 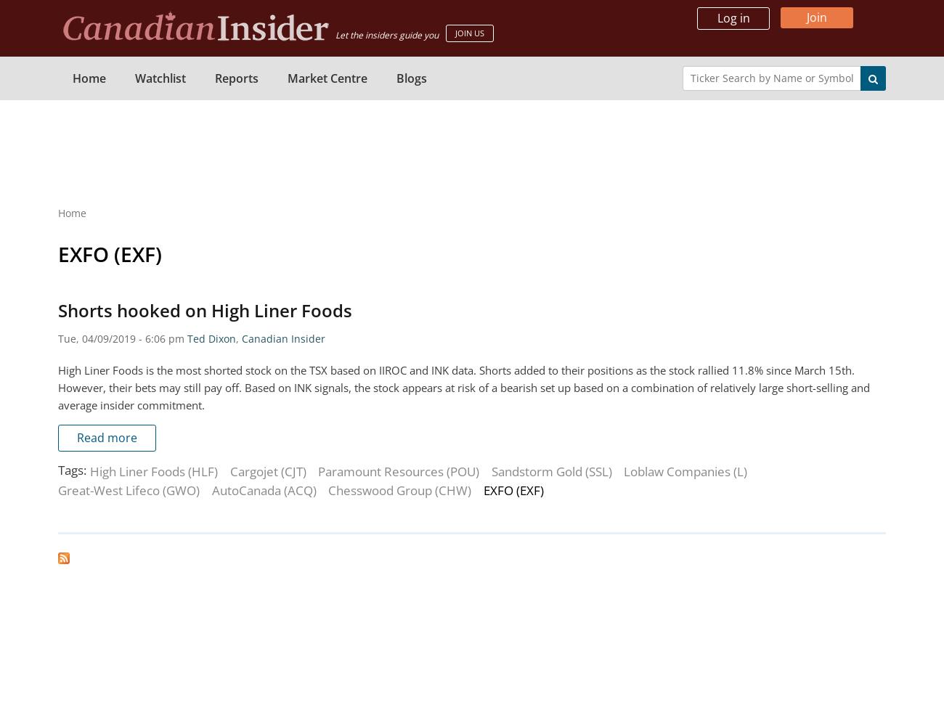 I want to click on 'High Liner Foods is the most shorted stock on the TSX based on IIROC and INK data. Shorts added to their positions as the stock rallied 11.8% since March 15th. However, their bets may still pay off. Based on INK signals, the stock appears at risk of a bearish set up based on a combination of relatively large short-selling and average insider commitment.', so click(x=57, y=387).